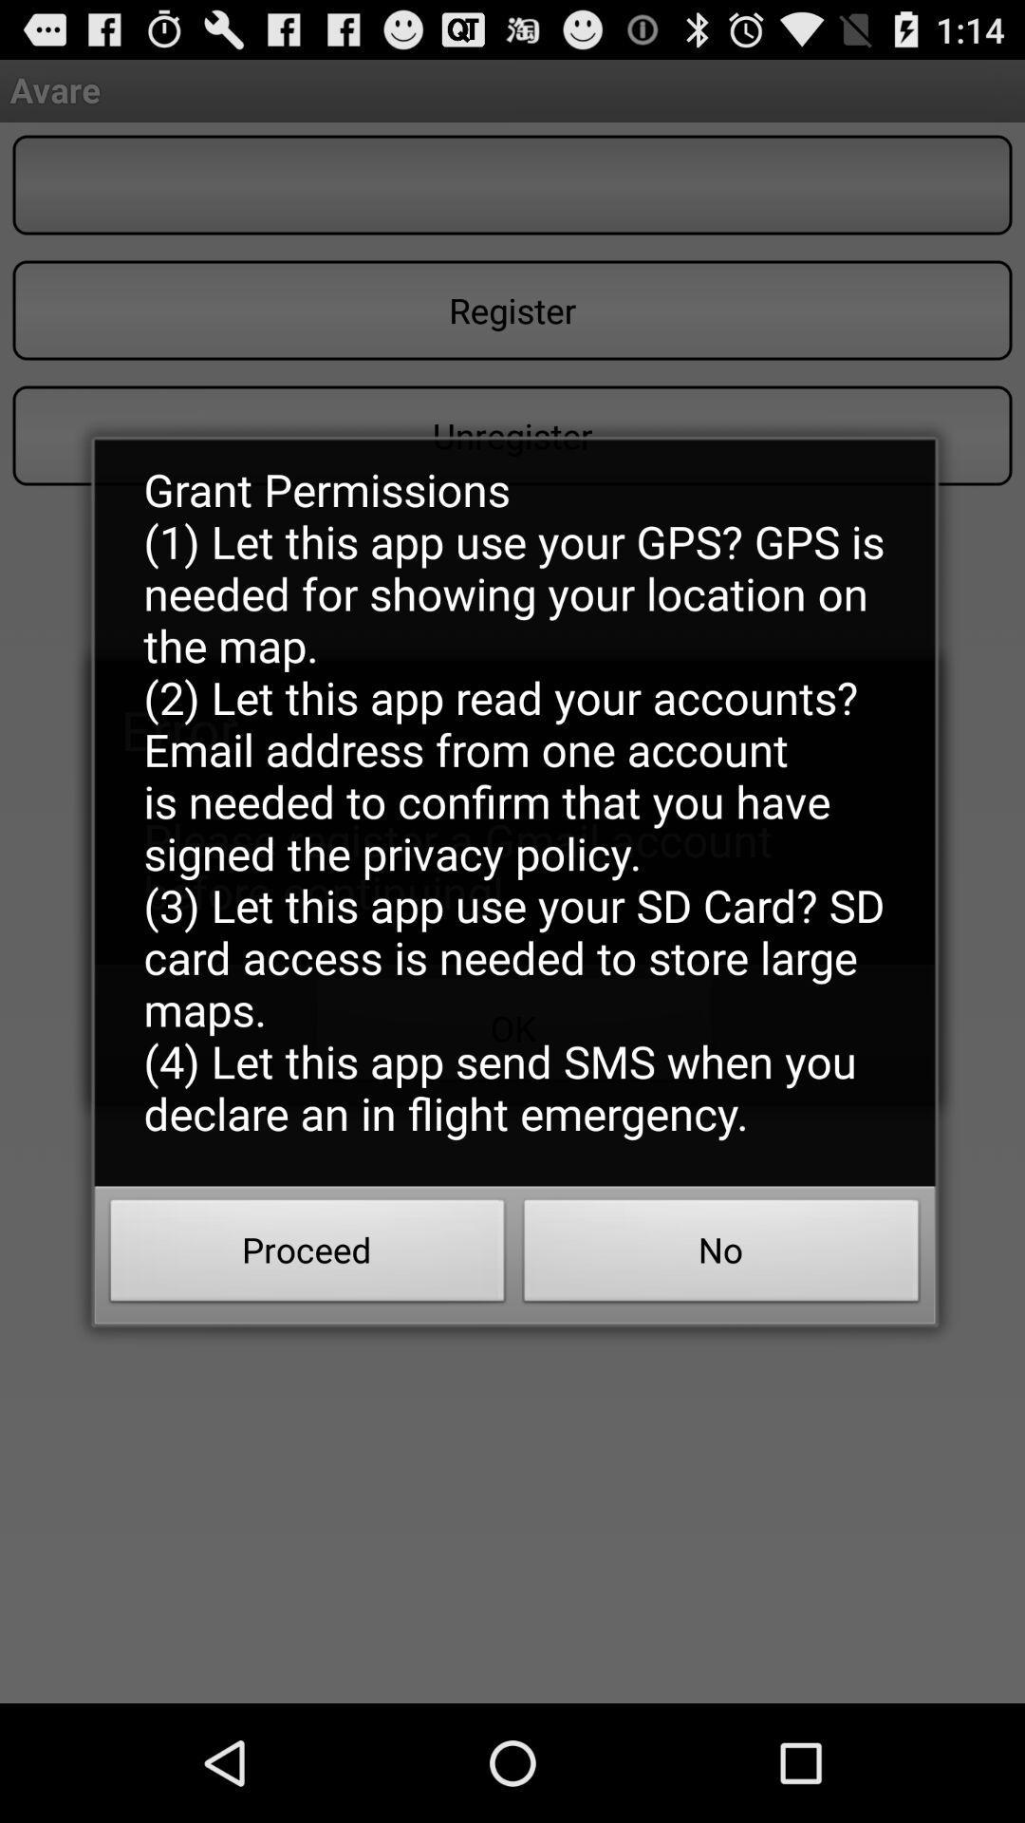 This screenshot has height=1823, width=1025. What do you see at coordinates (721, 1256) in the screenshot?
I see `item below the grant permissions 1` at bounding box center [721, 1256].